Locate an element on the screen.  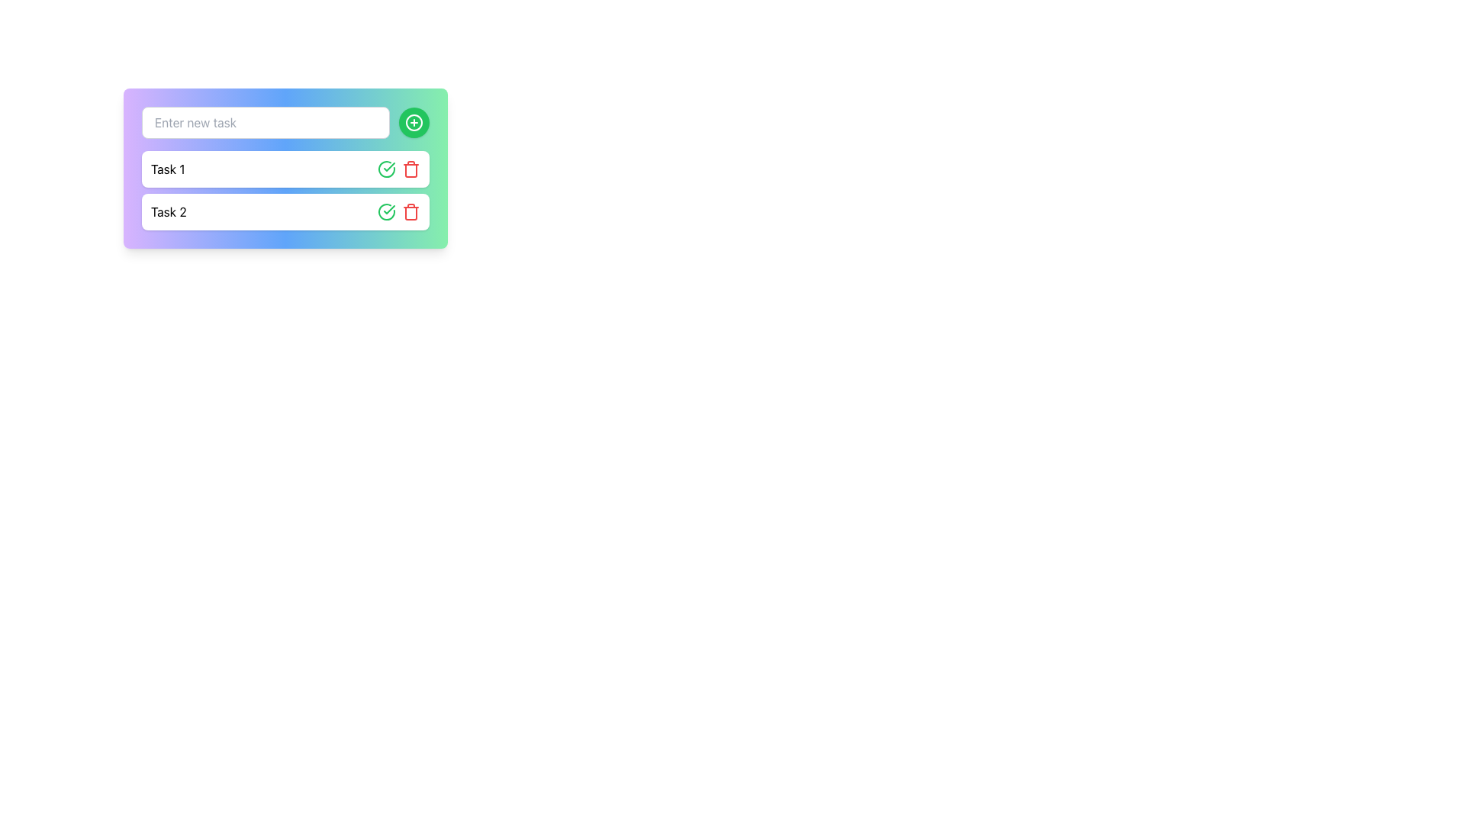
on the 'Task 2' text label is located at coordinates (168, 211).